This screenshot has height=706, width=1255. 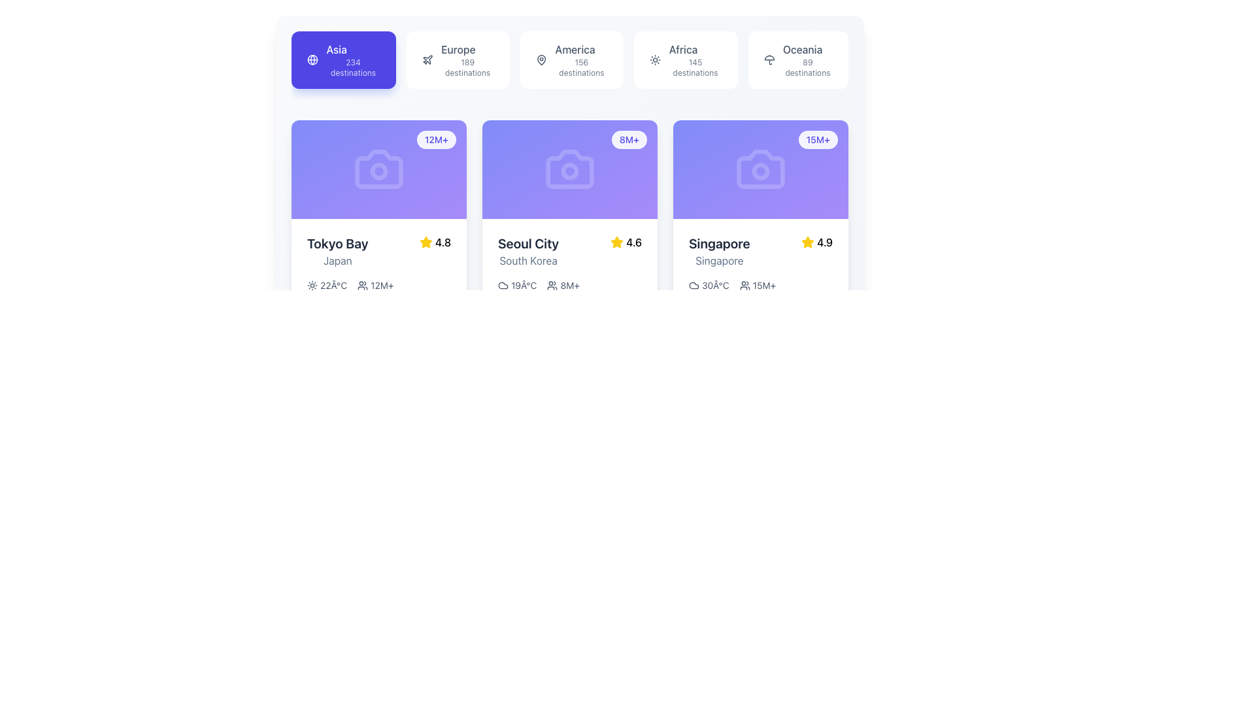 I want to click on the globe icon located at the top-left corner of the interface, which is within a highlighted purple rectangle and positioned to the left of the text label 'Asia' and subtext '234 destinations', so click(x=312, y=60).